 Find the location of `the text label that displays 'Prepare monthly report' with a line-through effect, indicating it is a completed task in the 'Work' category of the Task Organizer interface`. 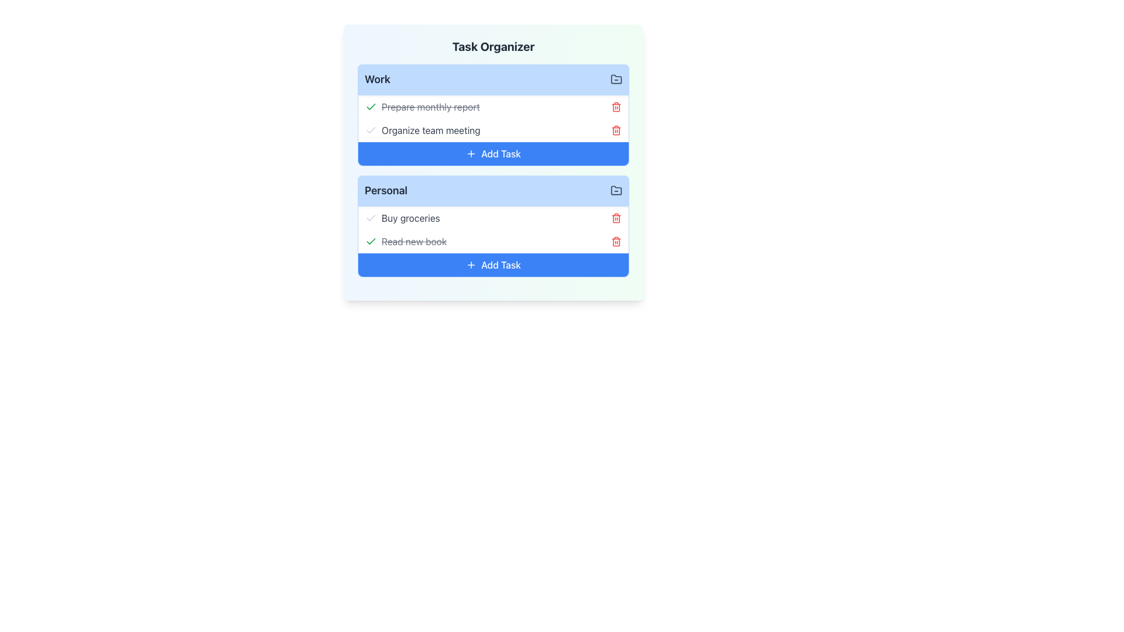

the text label that displays 'Prepare monthly report' with a line-through effect, indicating it is a completed task in the 'Work' category of the Task Organizer interface is located at coordinates (430, 107).